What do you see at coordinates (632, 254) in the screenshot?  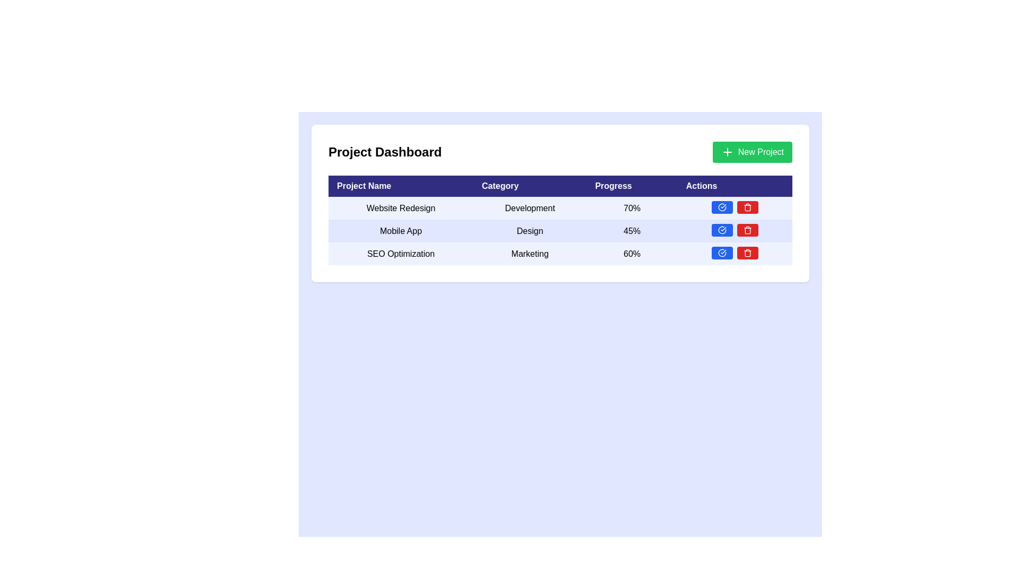 I see `the Text Label in the 'Progress' column of the third row, which indicates the progress percentage for 'SEO Optimization' under the 'Project Name' column` at bounding box center [632, 254].